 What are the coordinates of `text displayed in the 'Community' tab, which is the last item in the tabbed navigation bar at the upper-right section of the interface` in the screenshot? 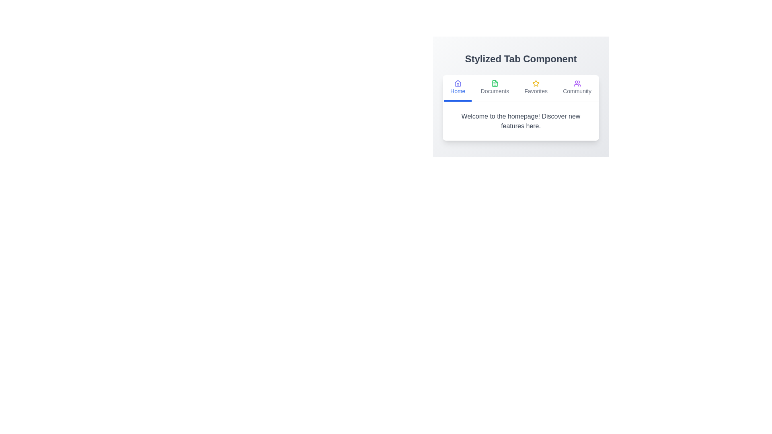 It's located at (577, 91).